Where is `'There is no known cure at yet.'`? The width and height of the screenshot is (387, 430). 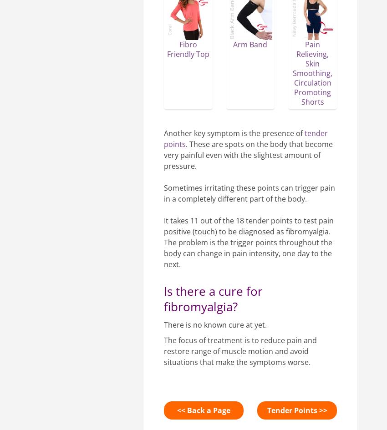 'There is no known cure at yet.' is located at coordinates (215, 324).